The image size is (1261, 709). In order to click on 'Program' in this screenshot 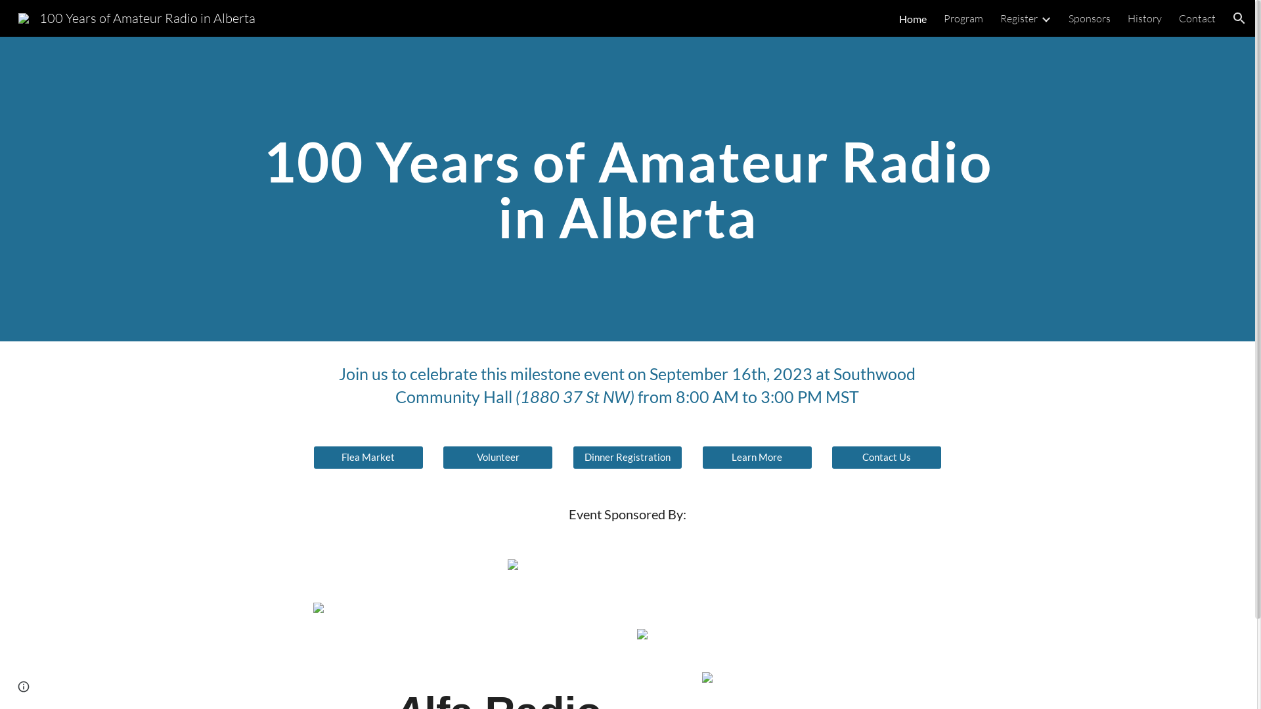, I will do `click(963, 18)`.